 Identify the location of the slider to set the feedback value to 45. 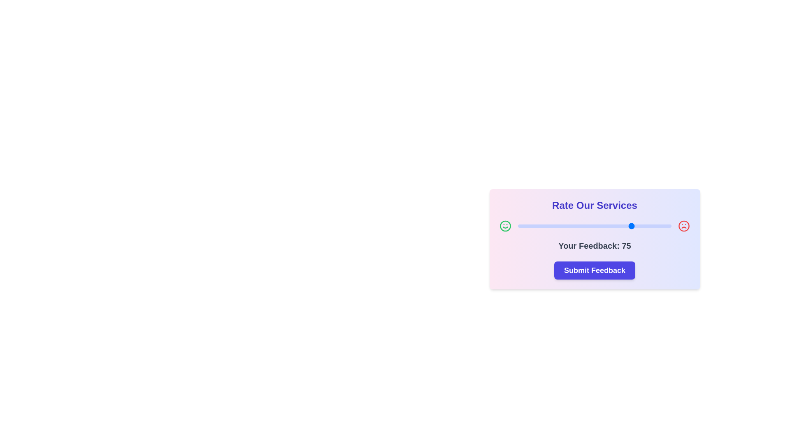
(586, 226).